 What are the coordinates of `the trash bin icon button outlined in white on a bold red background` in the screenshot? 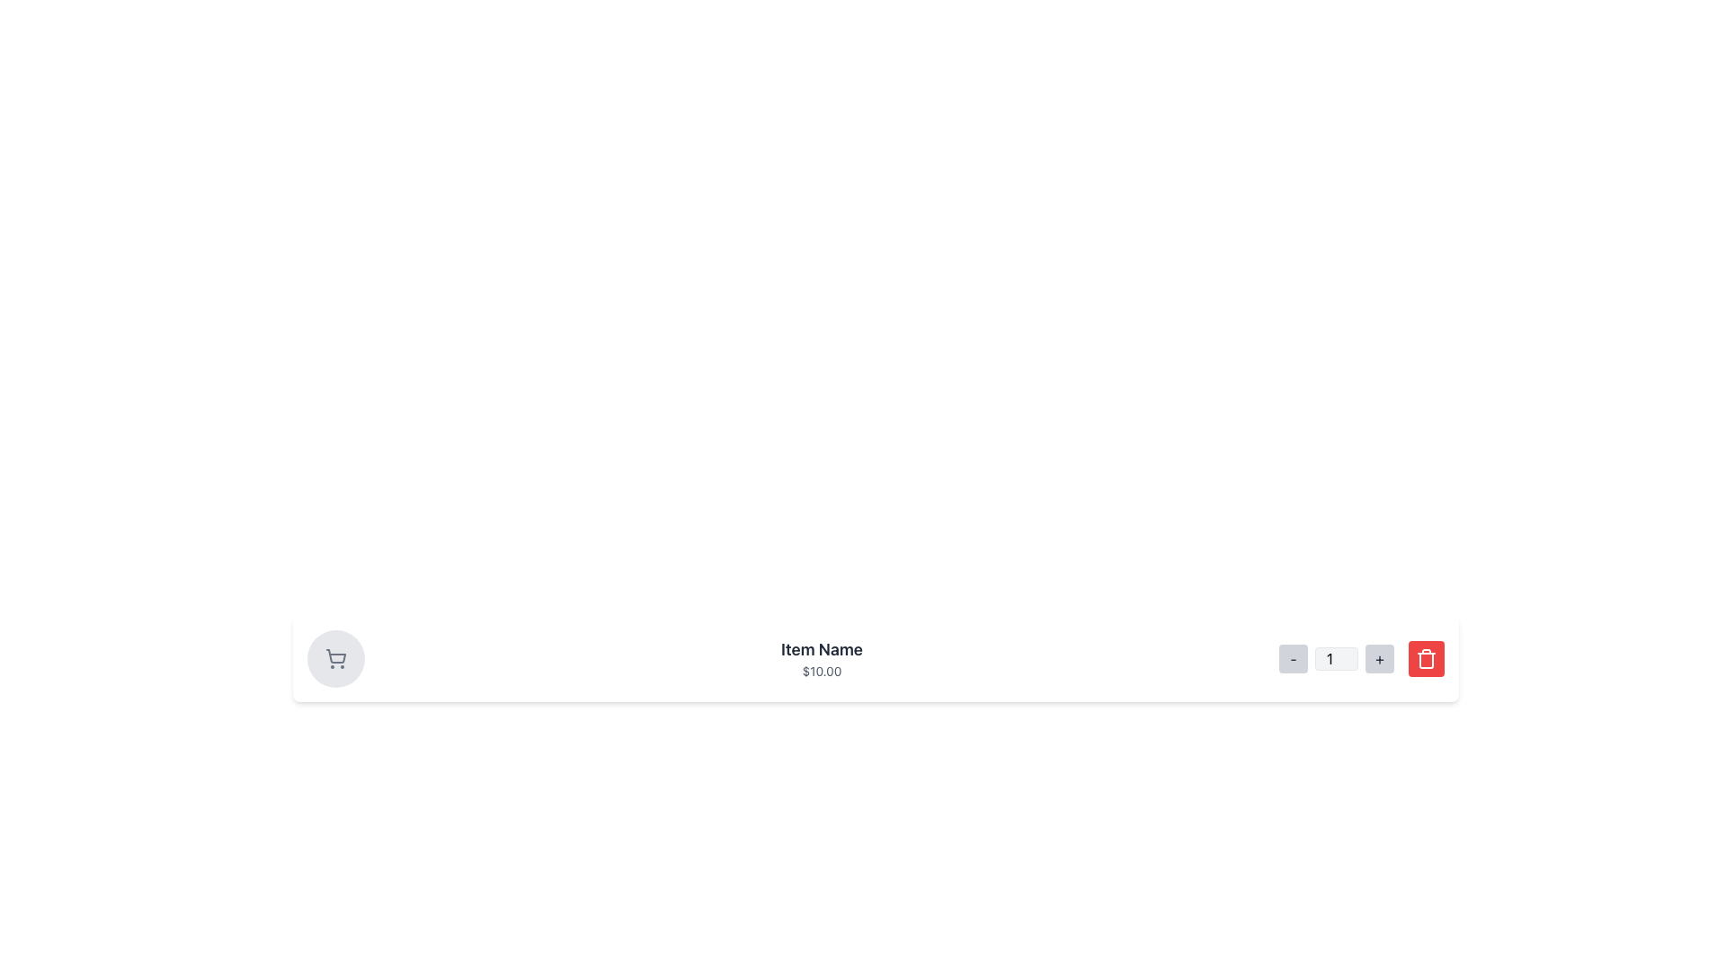 It's located at (1426, 658).